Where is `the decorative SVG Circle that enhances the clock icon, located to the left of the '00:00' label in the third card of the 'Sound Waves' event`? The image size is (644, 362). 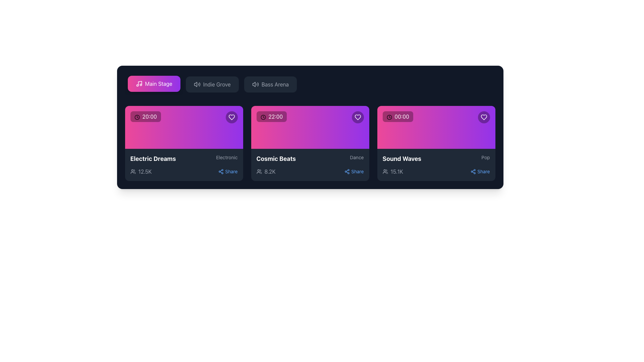 the decorative SVG Circle that enhances the clock icon, located to the left of the '00:00' label in the third card of the 'Sound Waves' event is located at coordinates (389, 117).